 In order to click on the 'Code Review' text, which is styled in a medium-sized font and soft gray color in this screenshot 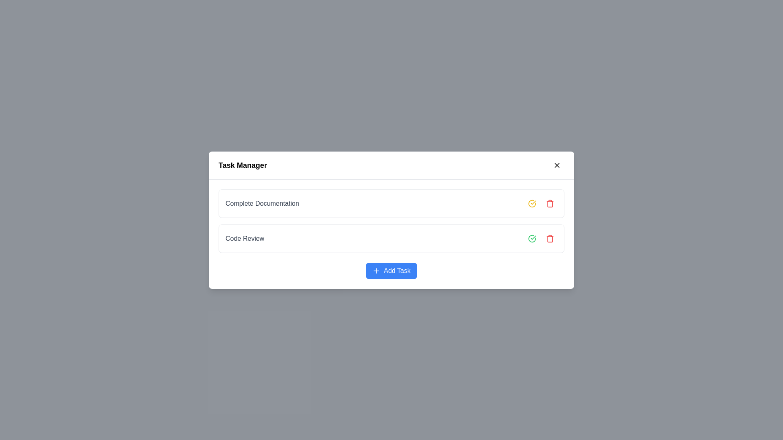, I will do `click(244, 238)`.